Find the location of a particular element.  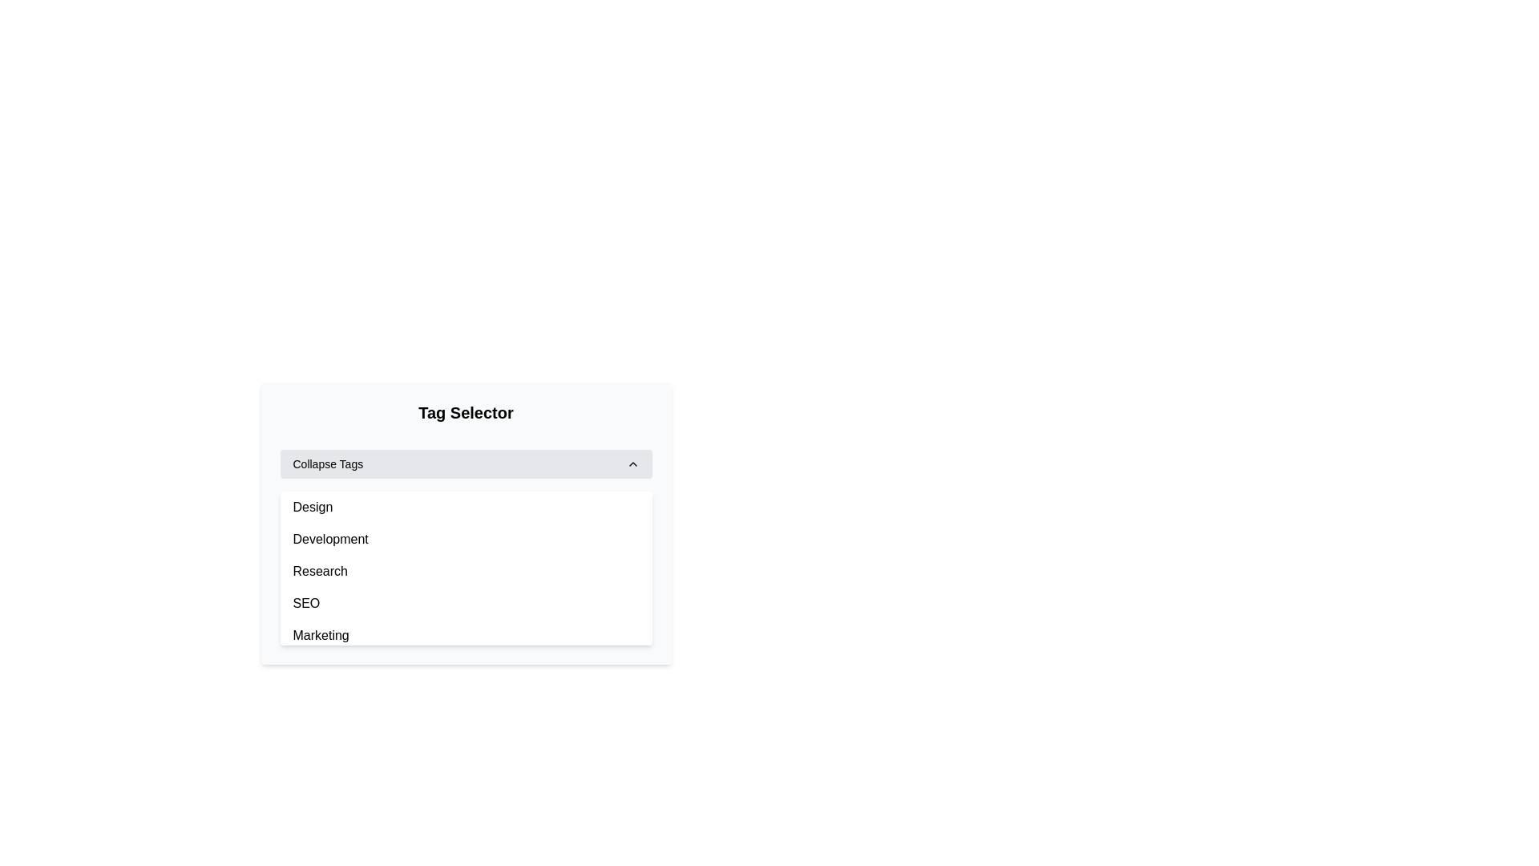

the 'Research' text element located in the third position of the 'Tag Selector' dropdown menu is located at coordinates (320, 571).